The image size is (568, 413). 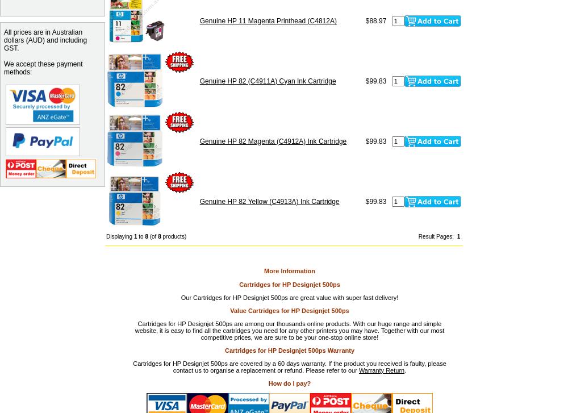 What do you see at coordinates (289, 270) in the screenshot?
I see `'More Information'` at bounding box center [289, 270].